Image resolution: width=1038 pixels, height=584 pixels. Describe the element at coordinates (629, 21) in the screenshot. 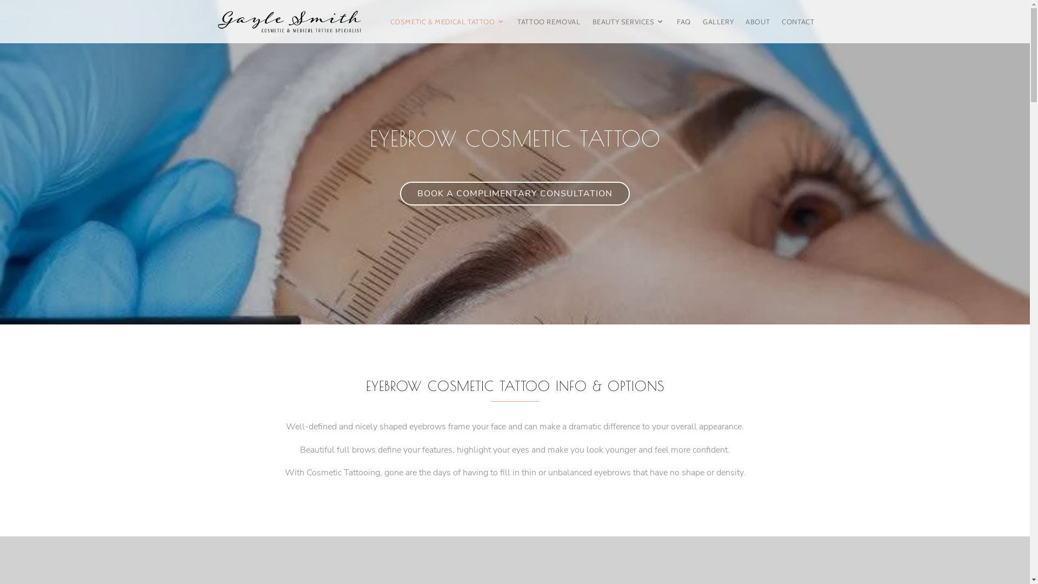

I see `'BEAUTY SERVICES'` at that location.